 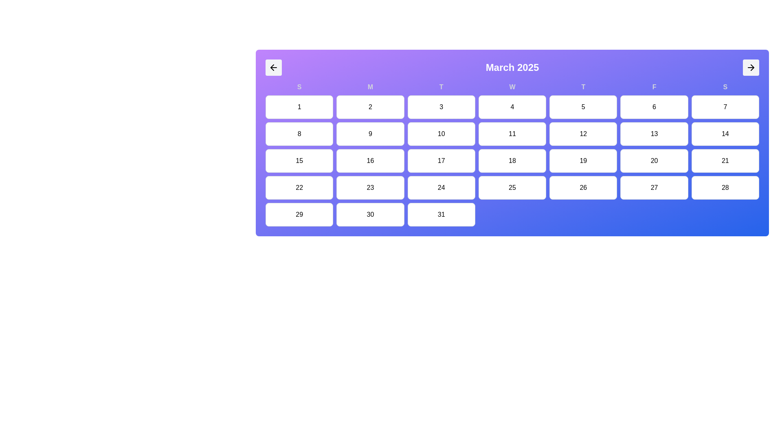 I want to click on the calendar date cell representing the 7th day of March 2025, so click(x=725, y=106).